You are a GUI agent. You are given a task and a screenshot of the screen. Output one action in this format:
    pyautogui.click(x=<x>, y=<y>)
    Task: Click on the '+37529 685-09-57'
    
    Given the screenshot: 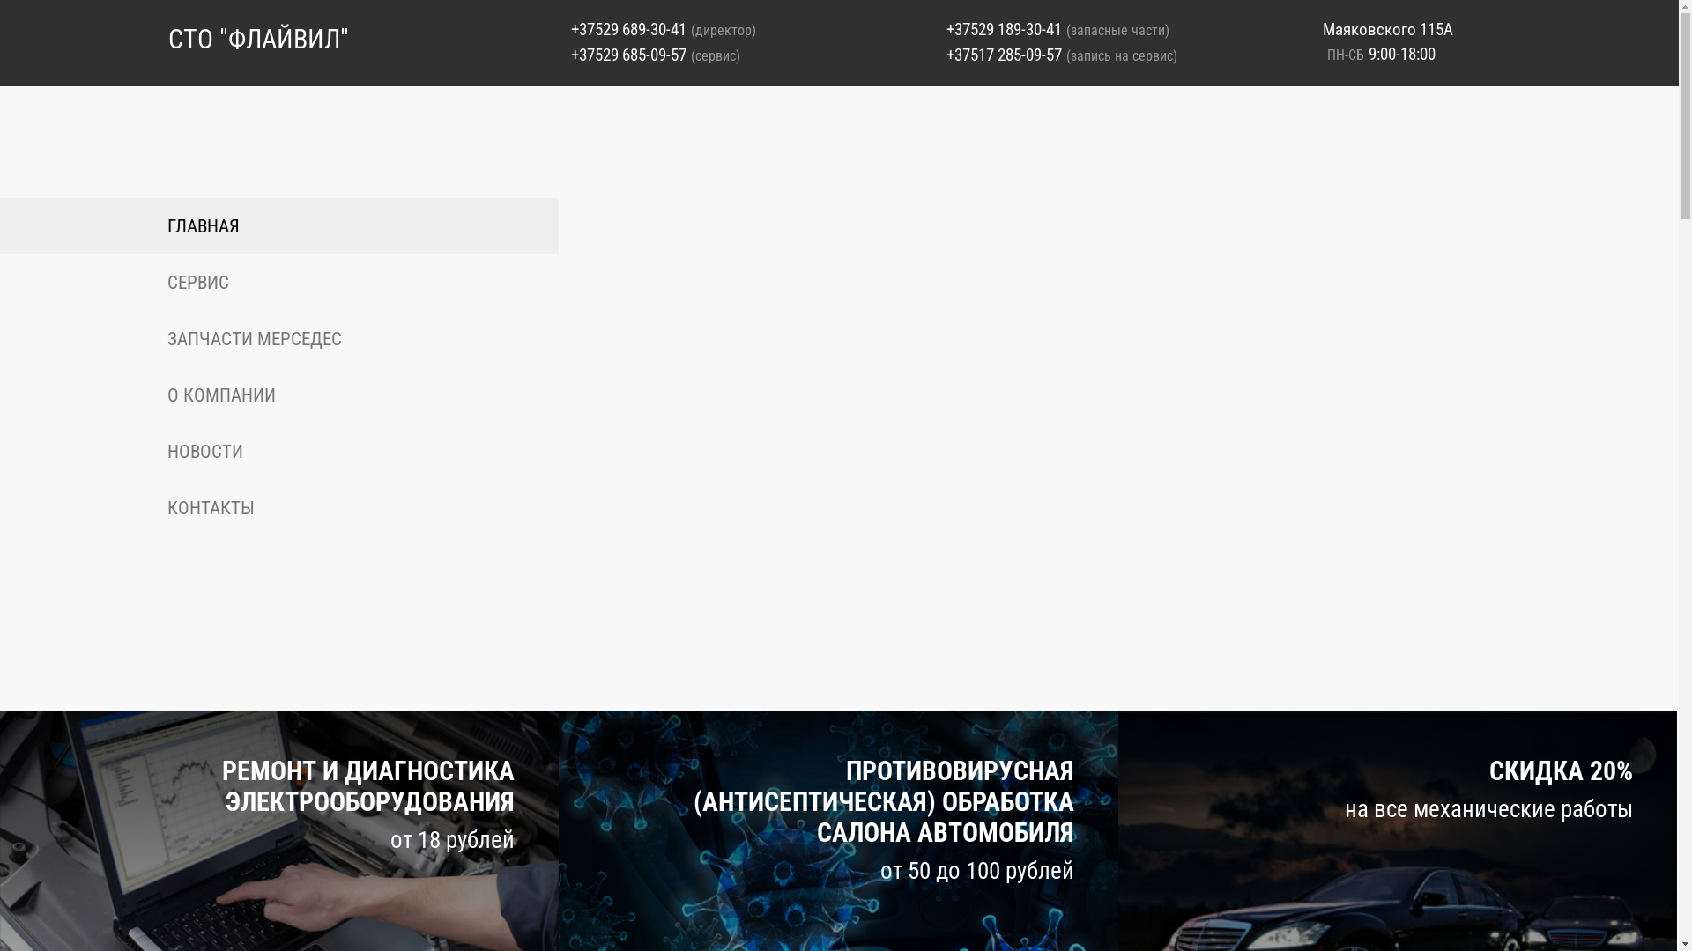 What is the action you would take?
    pyautogui.click(x=628, y=54)
    